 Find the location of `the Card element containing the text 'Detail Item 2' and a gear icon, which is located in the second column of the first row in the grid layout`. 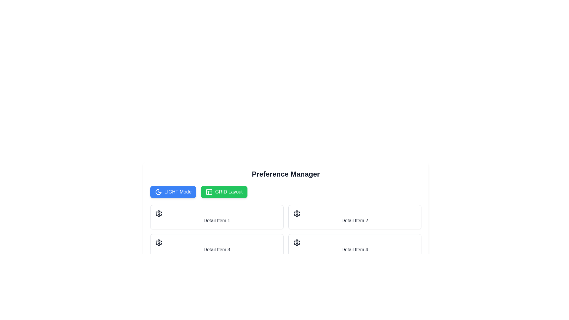

the Card element containing the text 'Detail Item 2' and a gear icon, which is located in the second column of the first row in the grid layout is located at coordinates (355, 217).